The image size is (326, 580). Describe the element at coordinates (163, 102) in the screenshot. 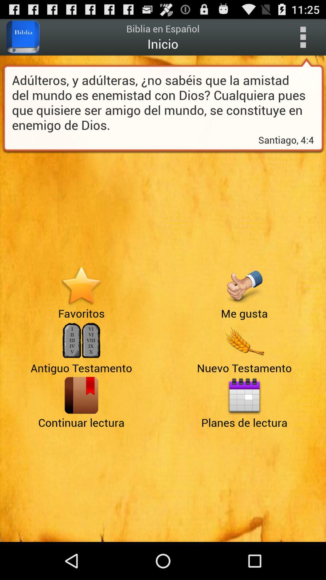

I see `icon above the santiago, 4:4 icon` at that location.